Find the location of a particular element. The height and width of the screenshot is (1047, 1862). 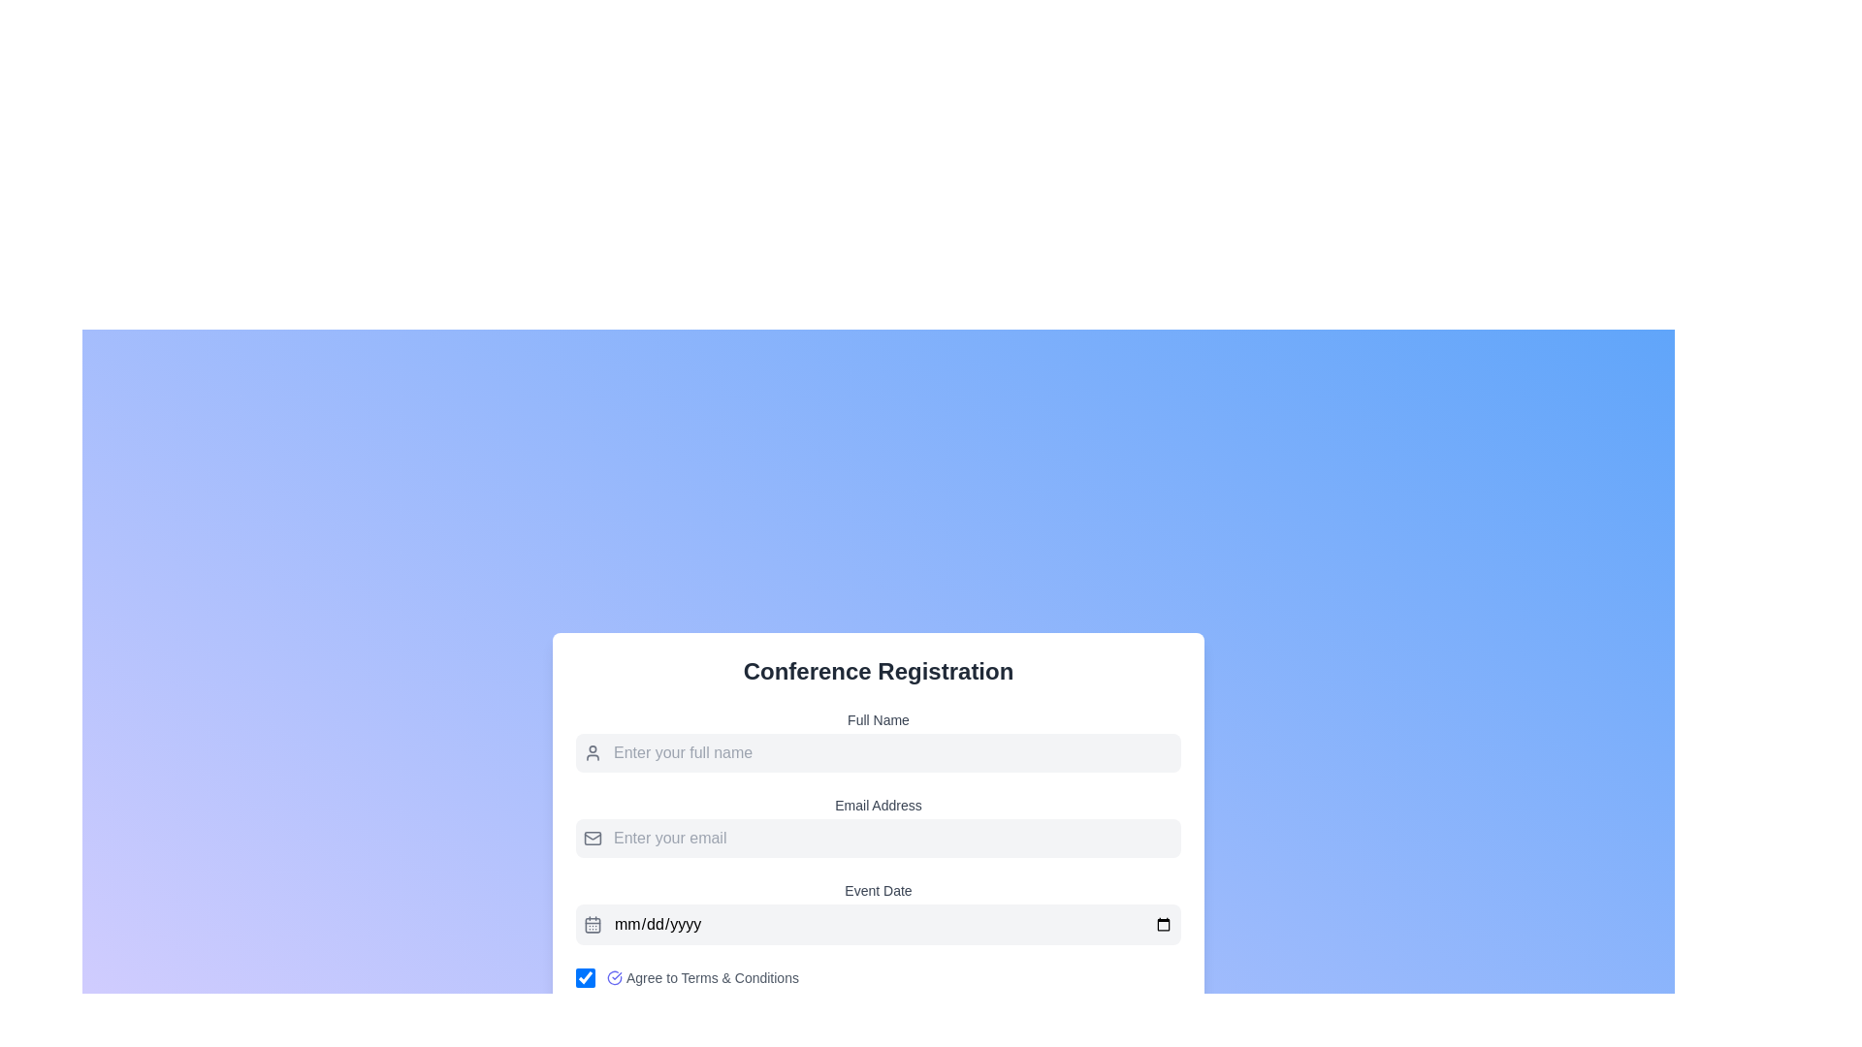

the calendar icon on the left side of the event date input field is located at coordinates (592, 923).